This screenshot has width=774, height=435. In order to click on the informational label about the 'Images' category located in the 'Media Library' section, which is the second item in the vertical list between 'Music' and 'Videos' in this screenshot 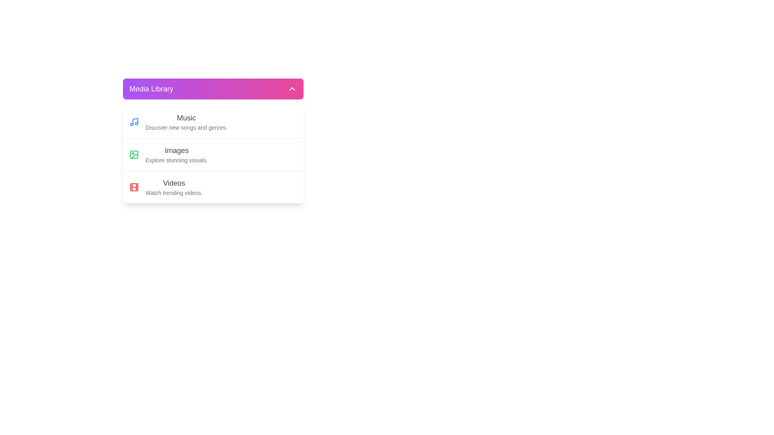, I will do `click(176, 155)`.